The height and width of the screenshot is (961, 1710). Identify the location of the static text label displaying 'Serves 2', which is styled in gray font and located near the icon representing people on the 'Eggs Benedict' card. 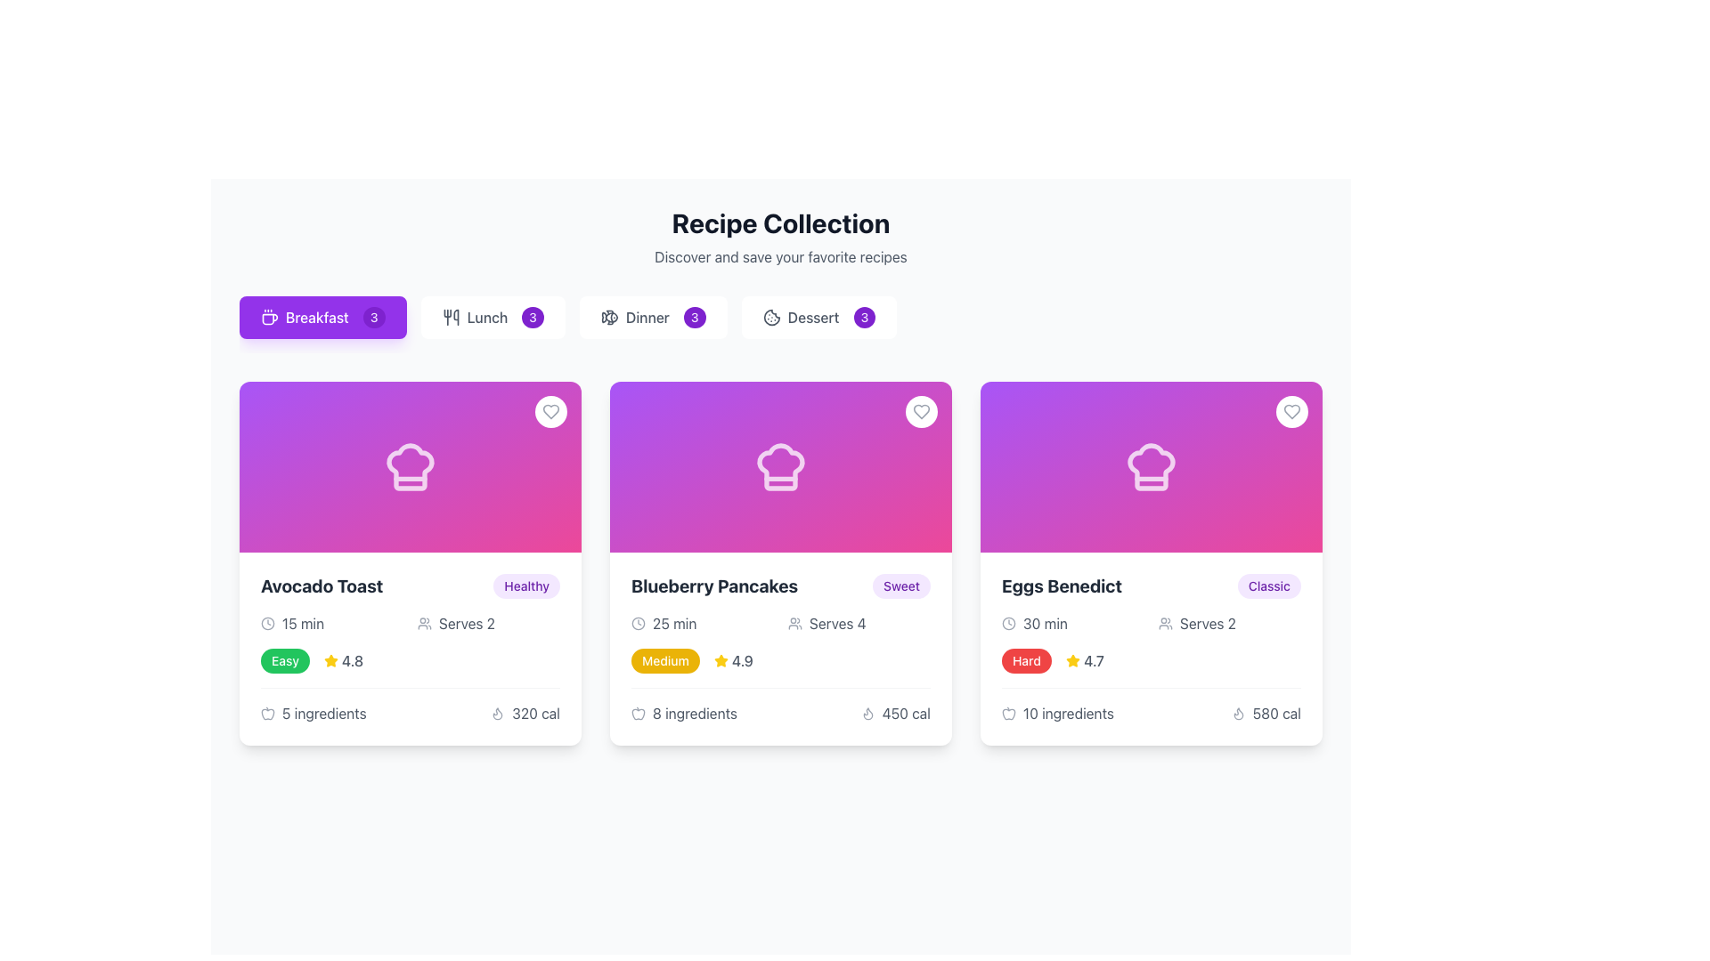
(1208, 623).